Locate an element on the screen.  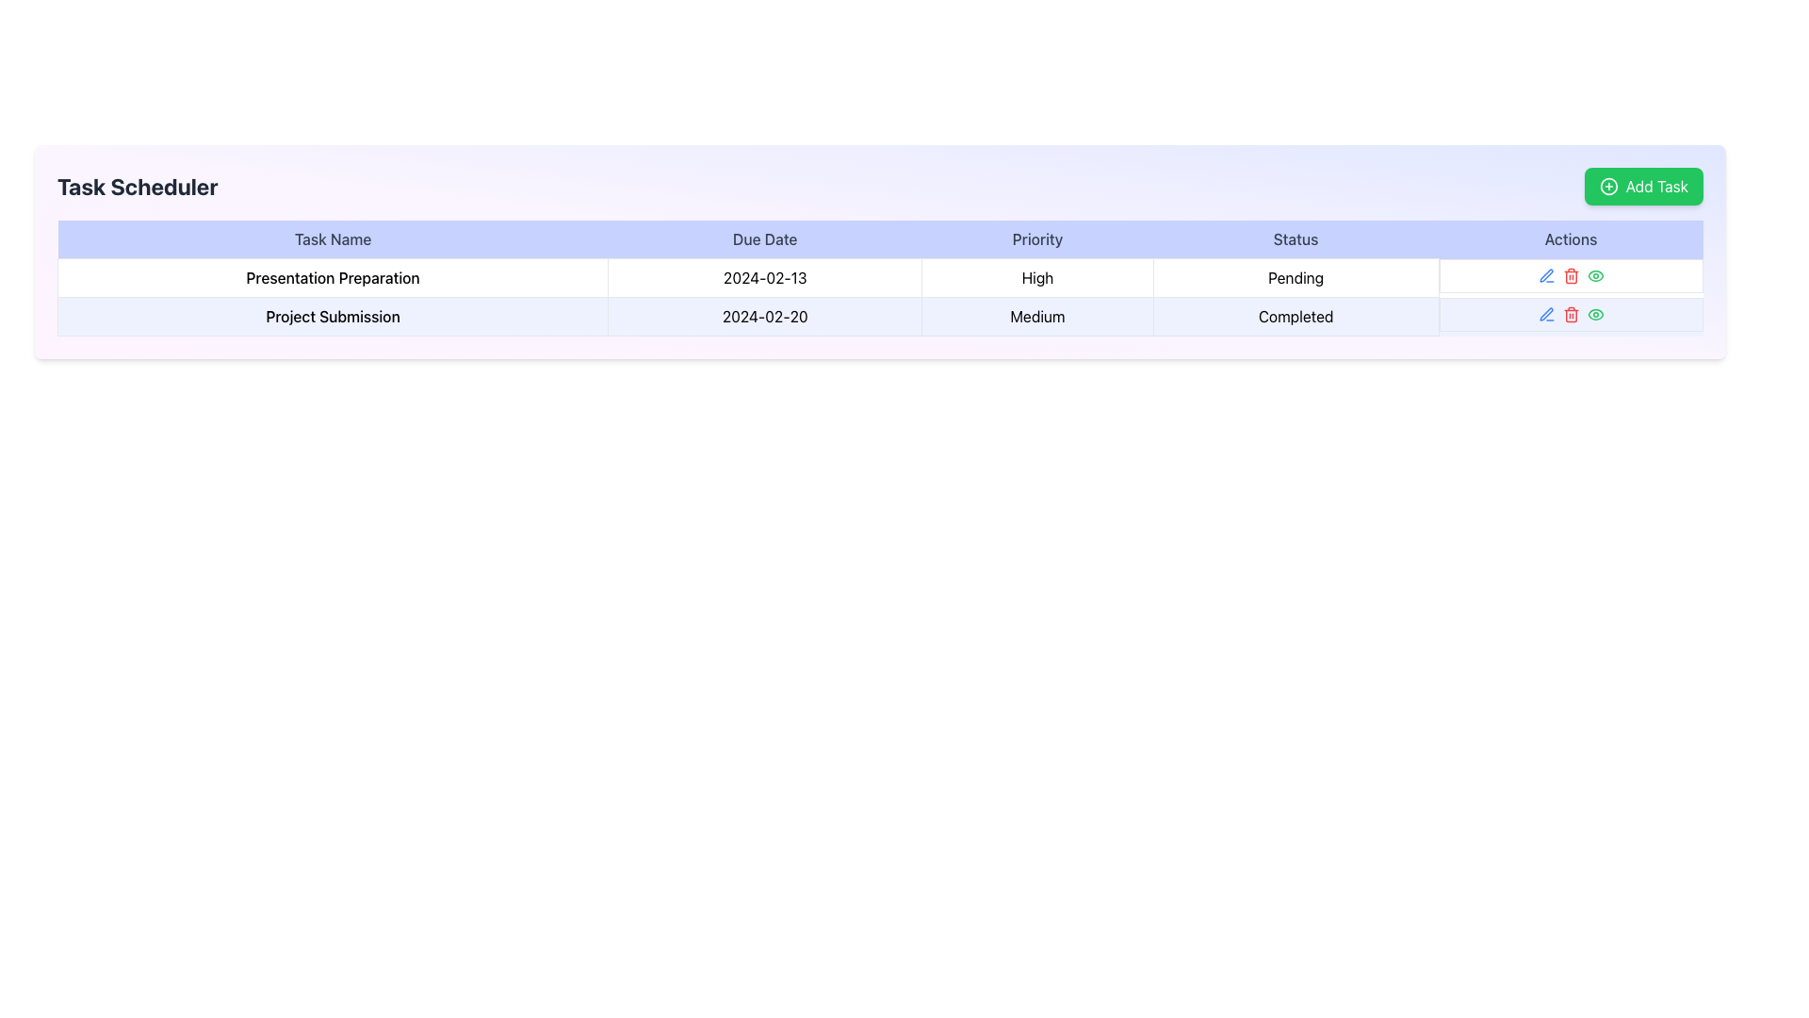
the text label header reading 'Task Name', which is styled with centered alignment and a blue background, located in the top-left area of the header row of a table structure is located at coordinates (333, 238).